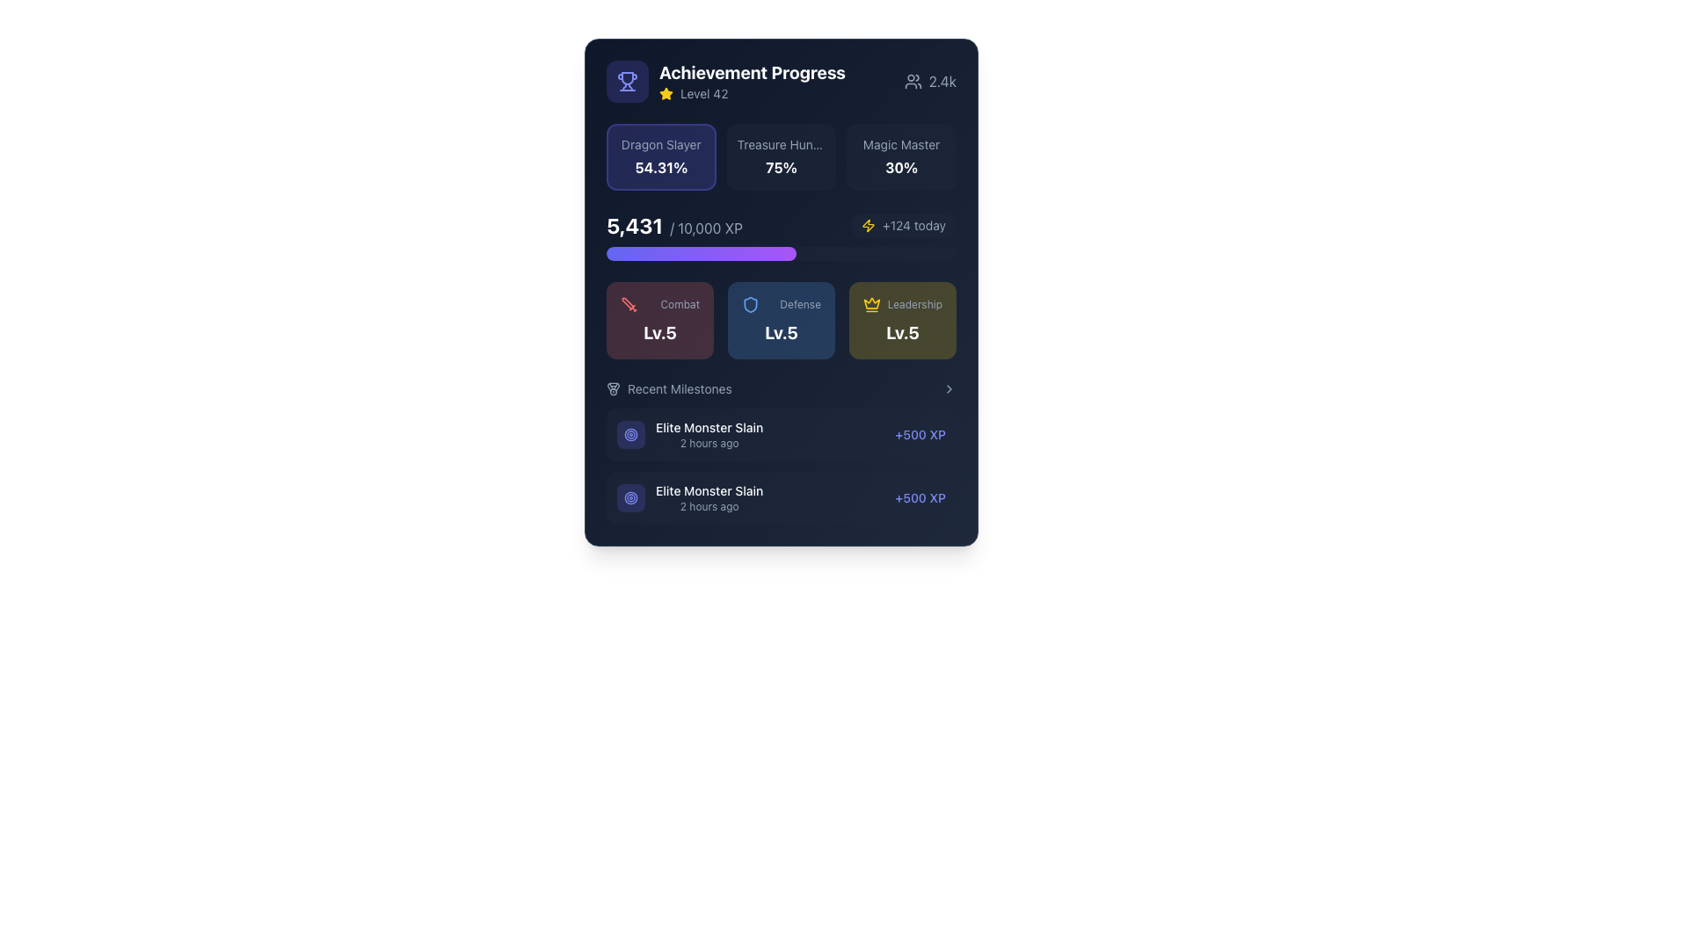 The height and width of the screenshot is (949, 1688). Describe the element at coordinates (668, 388) in the screenshot. I see `the 'Recent Milestones' text label with medal icon, located beneath the 'Lv.5' cards in the 'Achievement Progress' section` at that location.